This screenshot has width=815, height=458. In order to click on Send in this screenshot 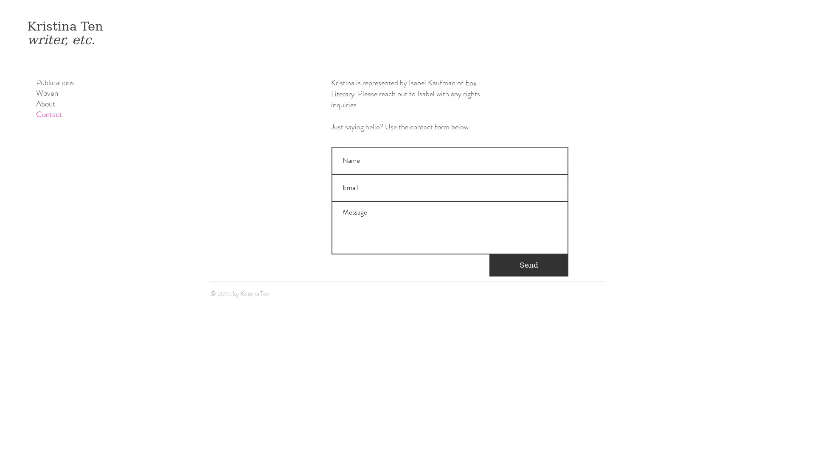, I will do `click(528, 265)`.